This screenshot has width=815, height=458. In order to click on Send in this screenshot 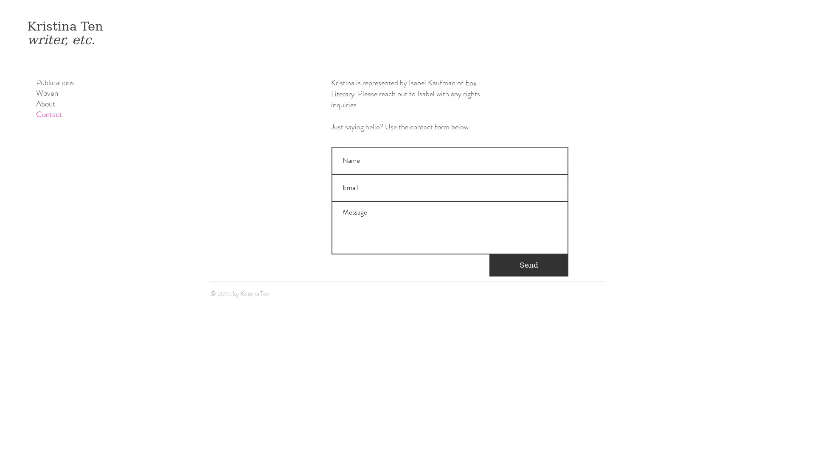, I will do `click(528, 265)`.